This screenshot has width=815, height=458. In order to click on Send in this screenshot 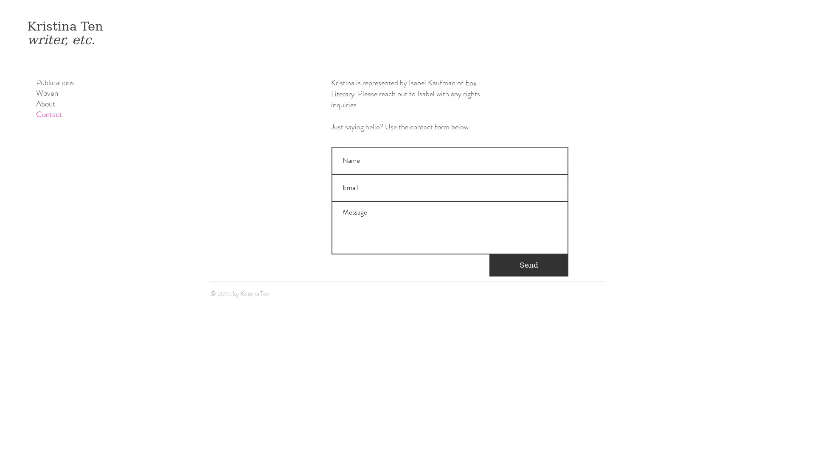, I will do `click(528, 265)`.